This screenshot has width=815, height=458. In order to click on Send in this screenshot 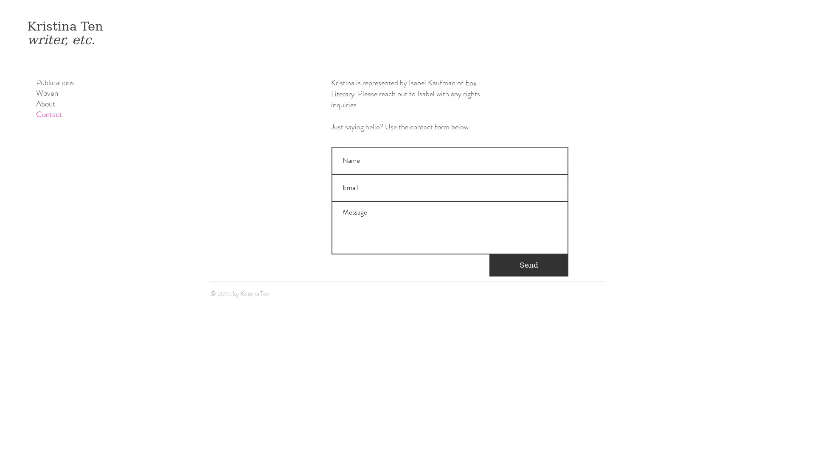, I will do `click(528, 265)`.